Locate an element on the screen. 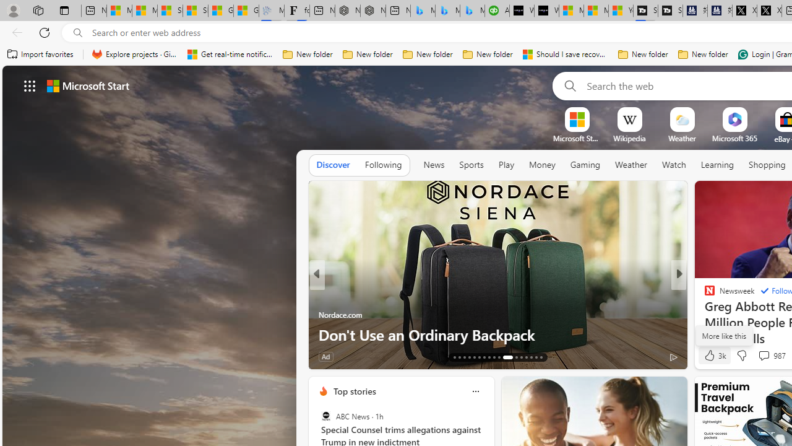 This screenshot has height=446, width=792. 'POLITICO' is located at coordinates (704, 294).